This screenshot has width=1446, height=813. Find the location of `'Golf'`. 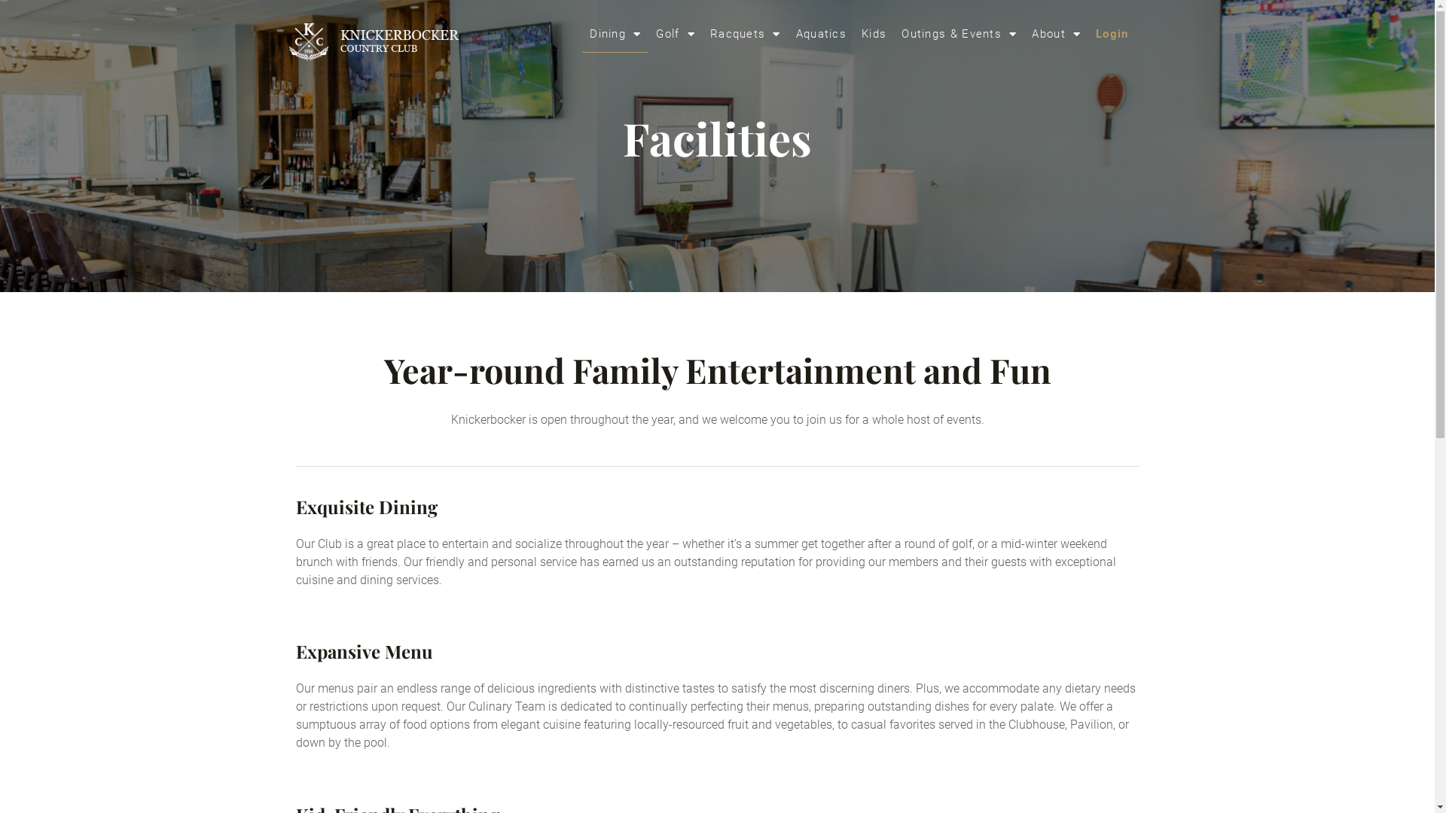

'Golf' is located at coordinates (675, 34).